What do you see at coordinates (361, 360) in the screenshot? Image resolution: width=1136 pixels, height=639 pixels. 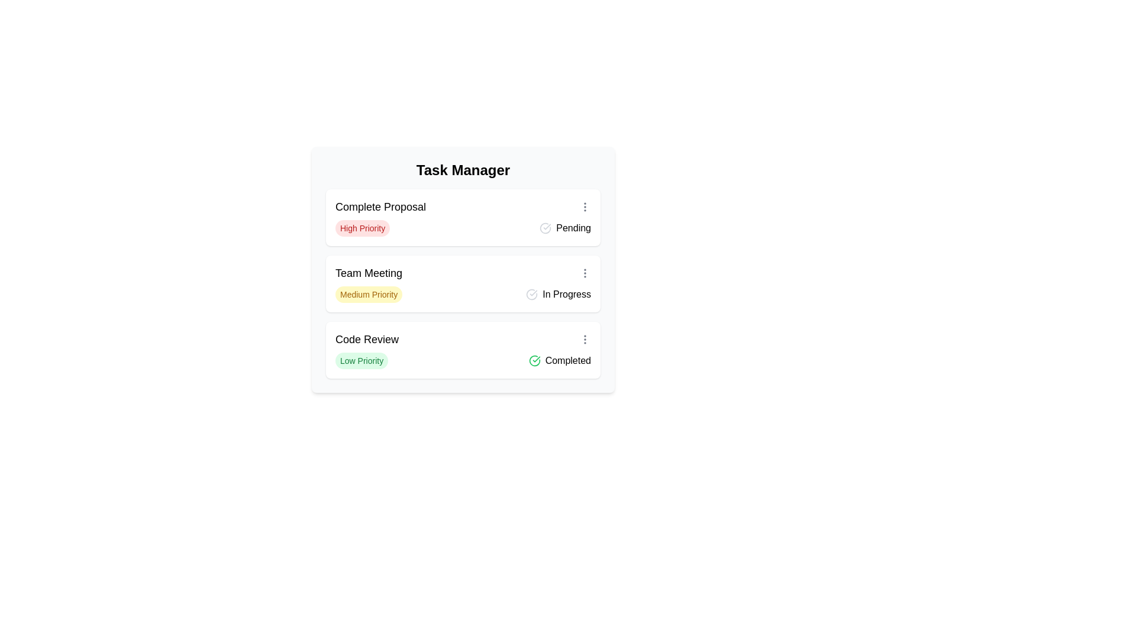 I see `the low priority badge indicating the 'Code Review' task, located in the third row of the task list` at bounding box center [361, 360].